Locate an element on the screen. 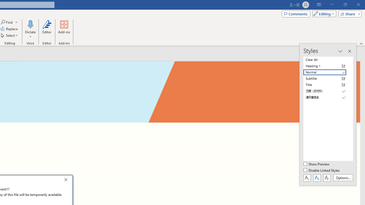 The width and height of the screenshot is (365, 205). 'Title' is located at coordinates (328, 85).